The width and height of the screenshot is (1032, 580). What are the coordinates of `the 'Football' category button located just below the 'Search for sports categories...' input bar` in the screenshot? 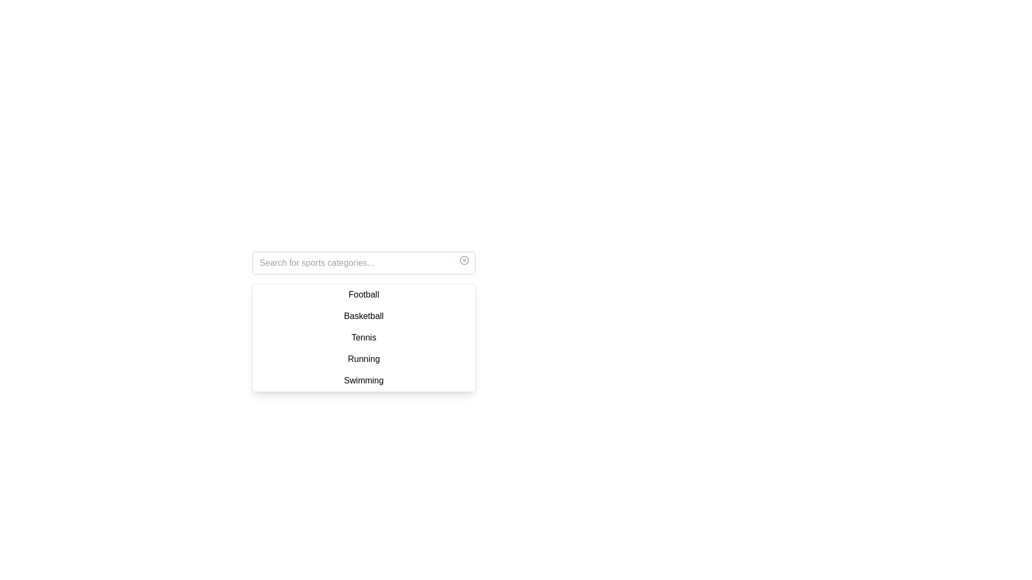 It's located at (363, 294).